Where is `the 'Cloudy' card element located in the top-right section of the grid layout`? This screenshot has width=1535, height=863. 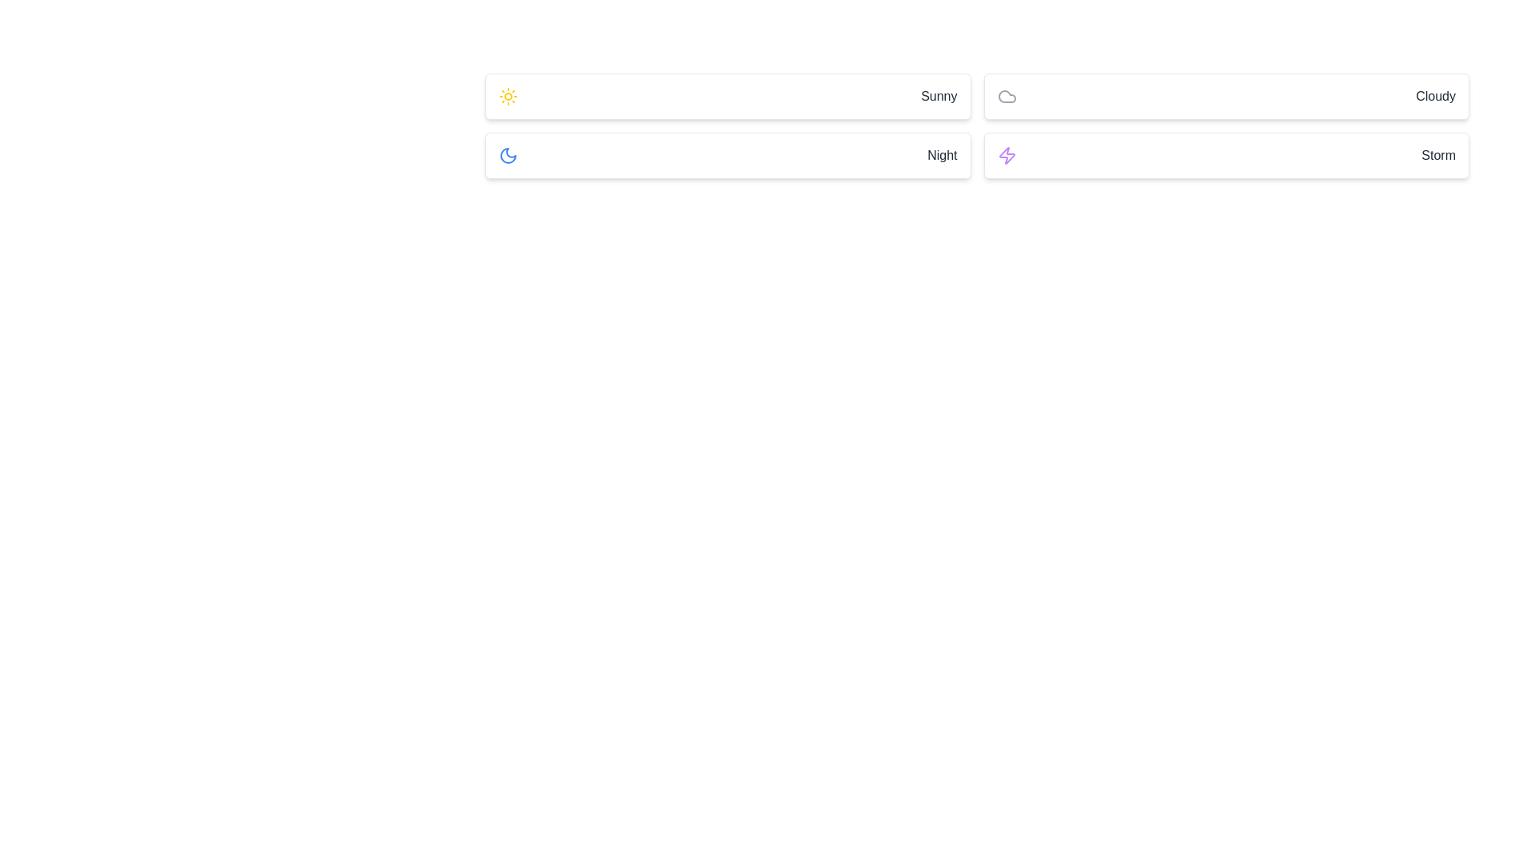
the 'Cloudy' card element located in the top-right section of the grid layout is located at coordinates (1226, 96).